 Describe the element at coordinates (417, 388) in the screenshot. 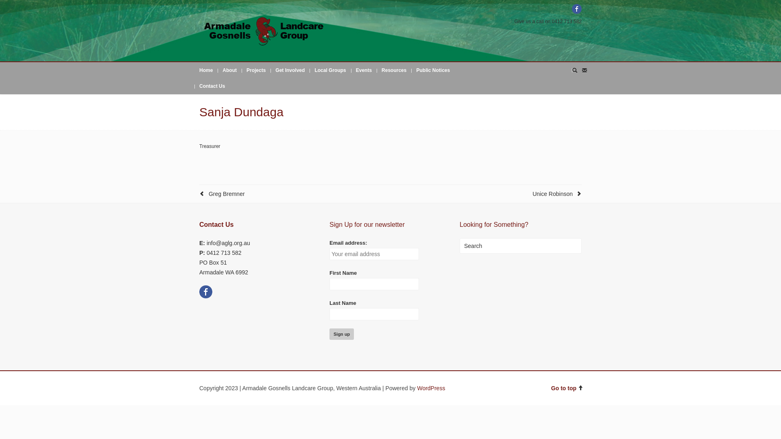

I see `'WordPress'` at that location.